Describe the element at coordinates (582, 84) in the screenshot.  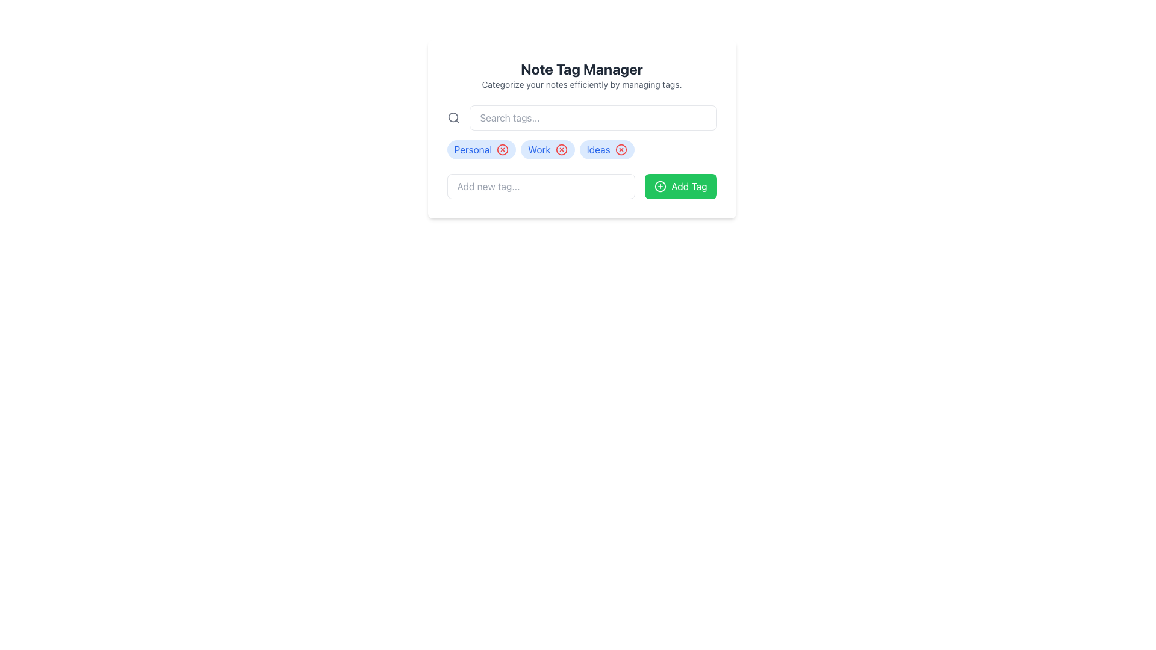
I see `the text element displaying 'Categorize your notes efficiently by managing tags.' which is located directly beneath the heading 'Note Tag Manager.'` at that location.